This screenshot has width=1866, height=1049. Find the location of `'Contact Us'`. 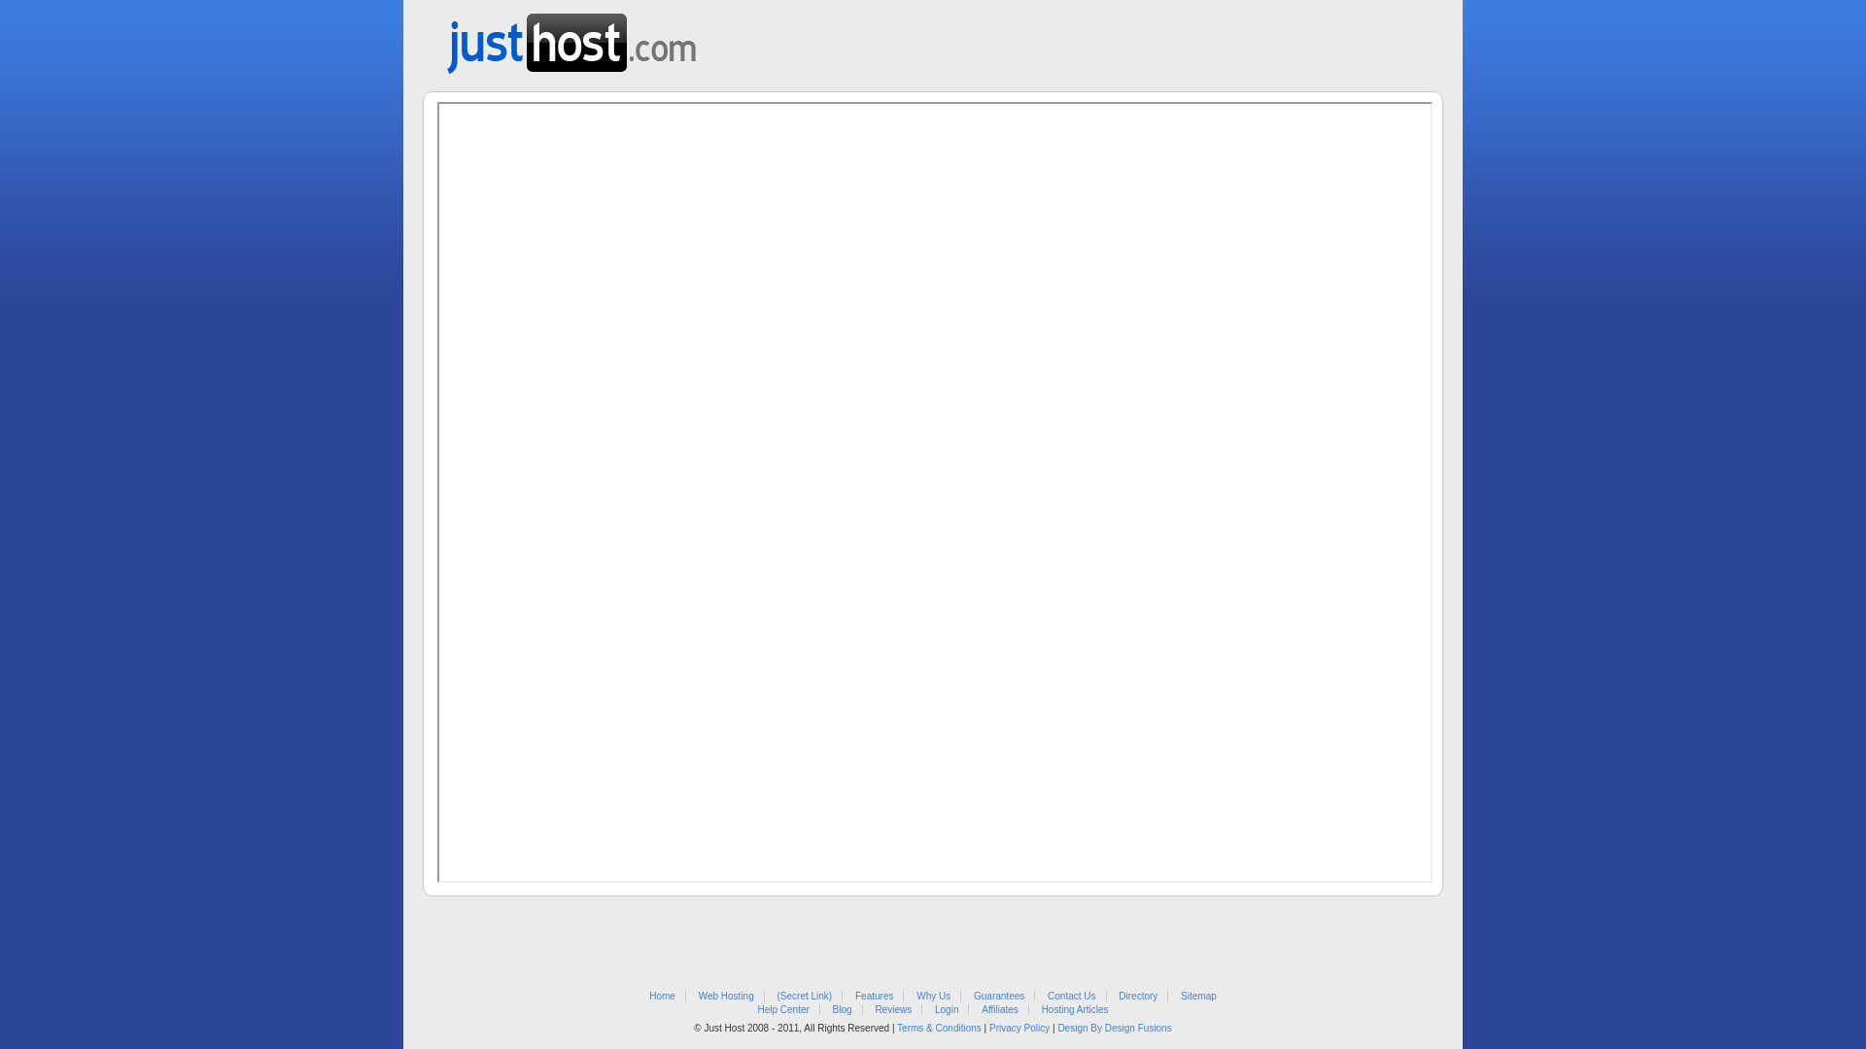

'Contact Us' is located at coordinates (1070, 996).